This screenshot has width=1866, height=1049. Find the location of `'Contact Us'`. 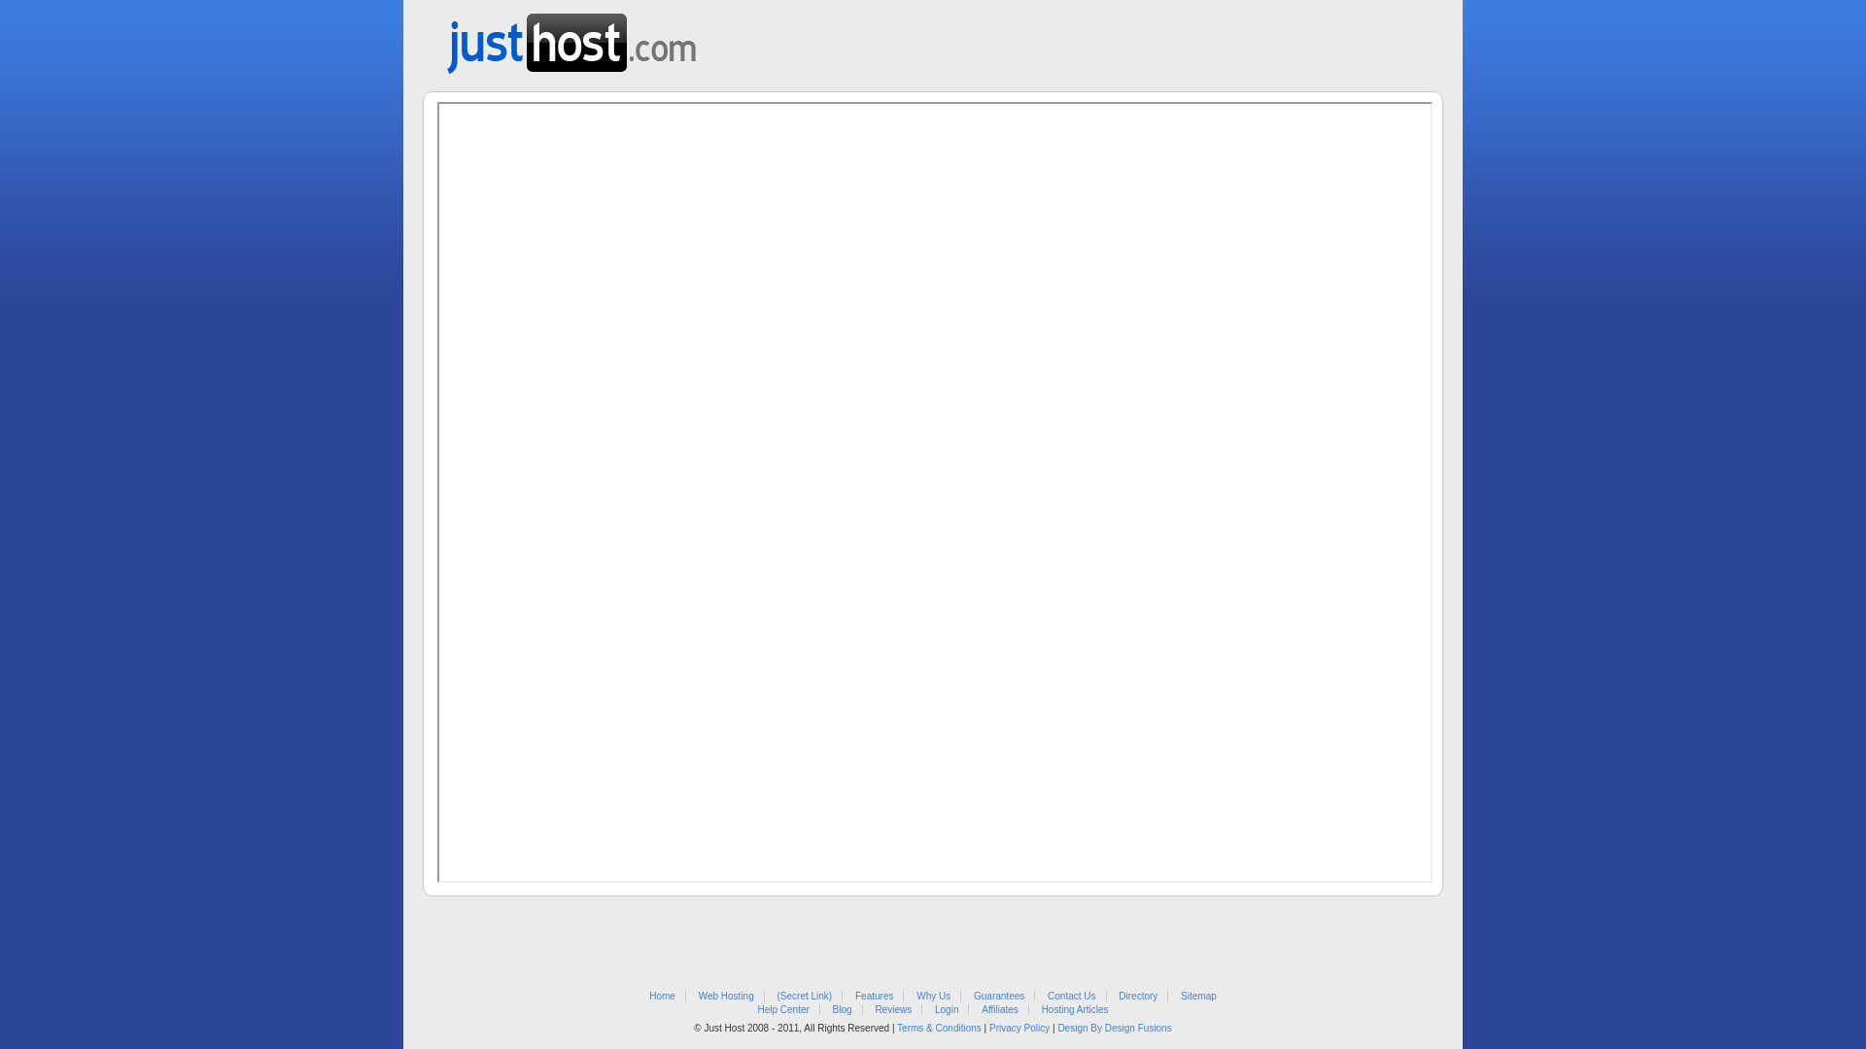

'Contact Us' is located at coordinates (1070, 996).